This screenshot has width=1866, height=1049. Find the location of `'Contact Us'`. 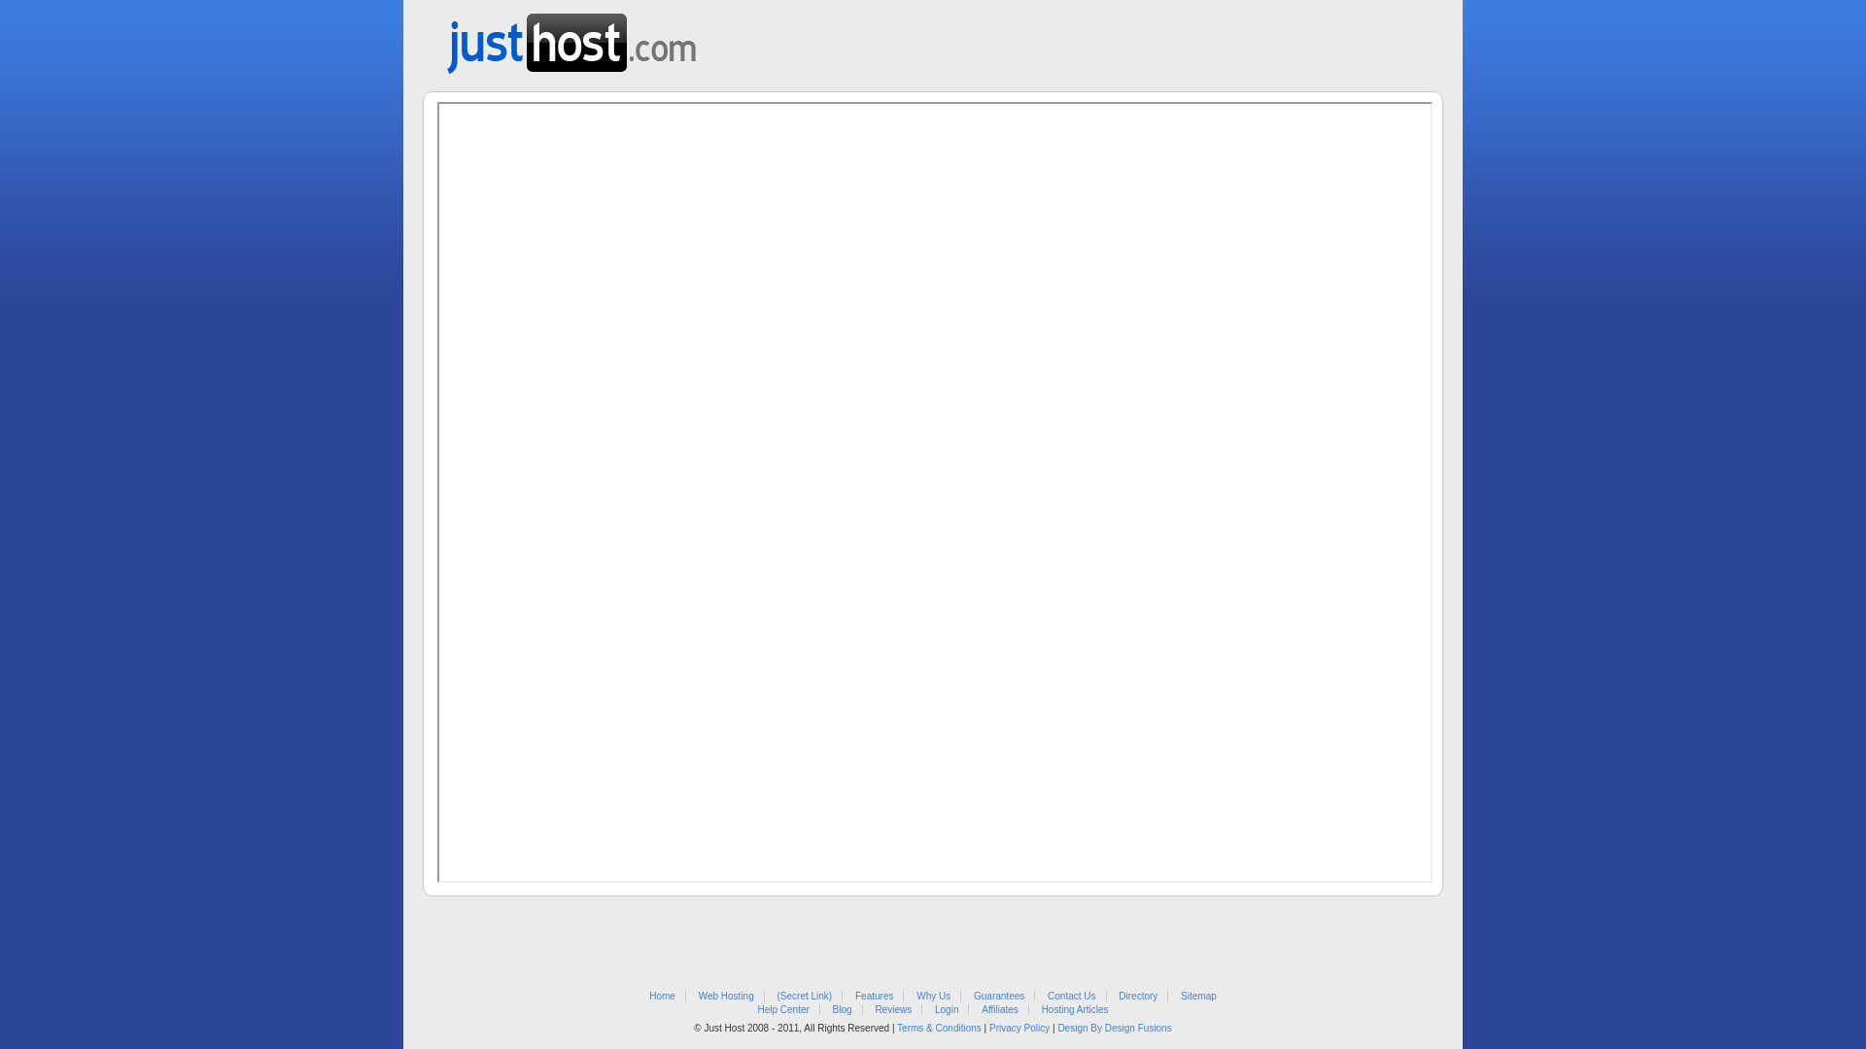

'Contact Us' is located at coordinates (1070, 996).